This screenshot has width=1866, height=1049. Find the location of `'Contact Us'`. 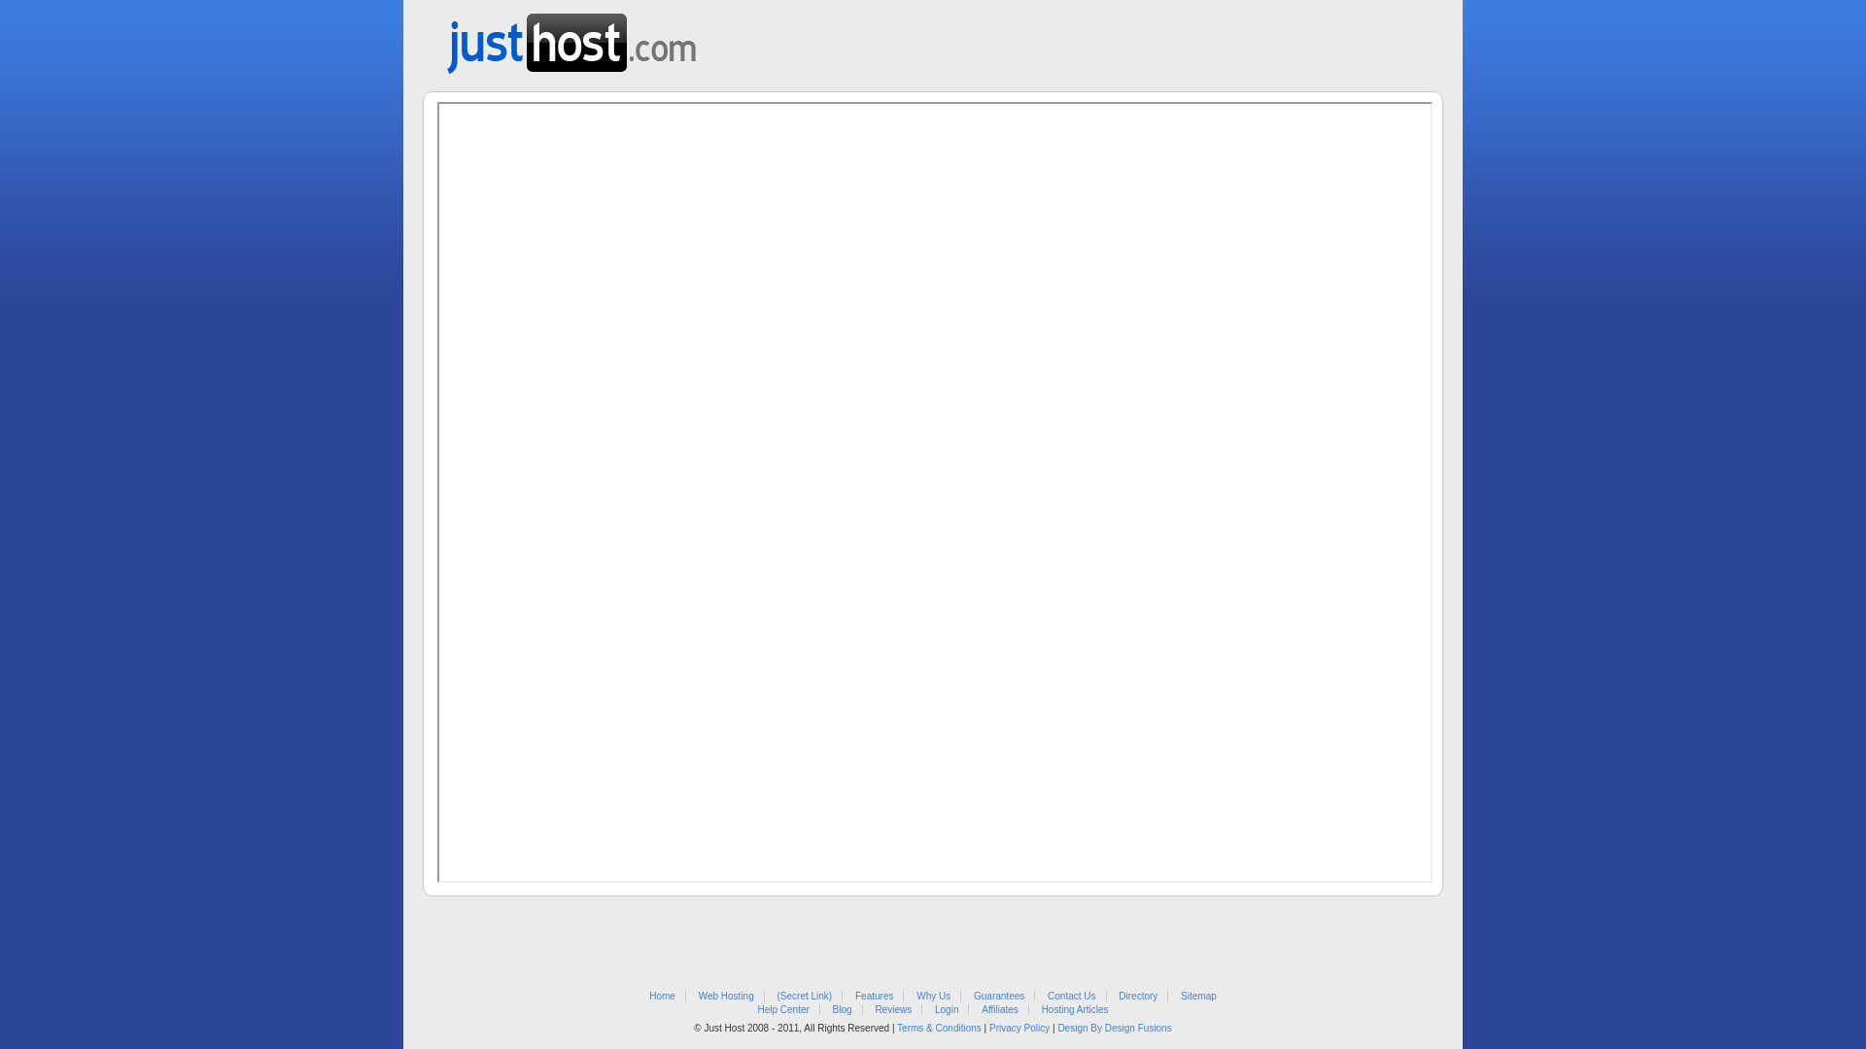

'Contact Us' is located at coordinates (1070, 996).